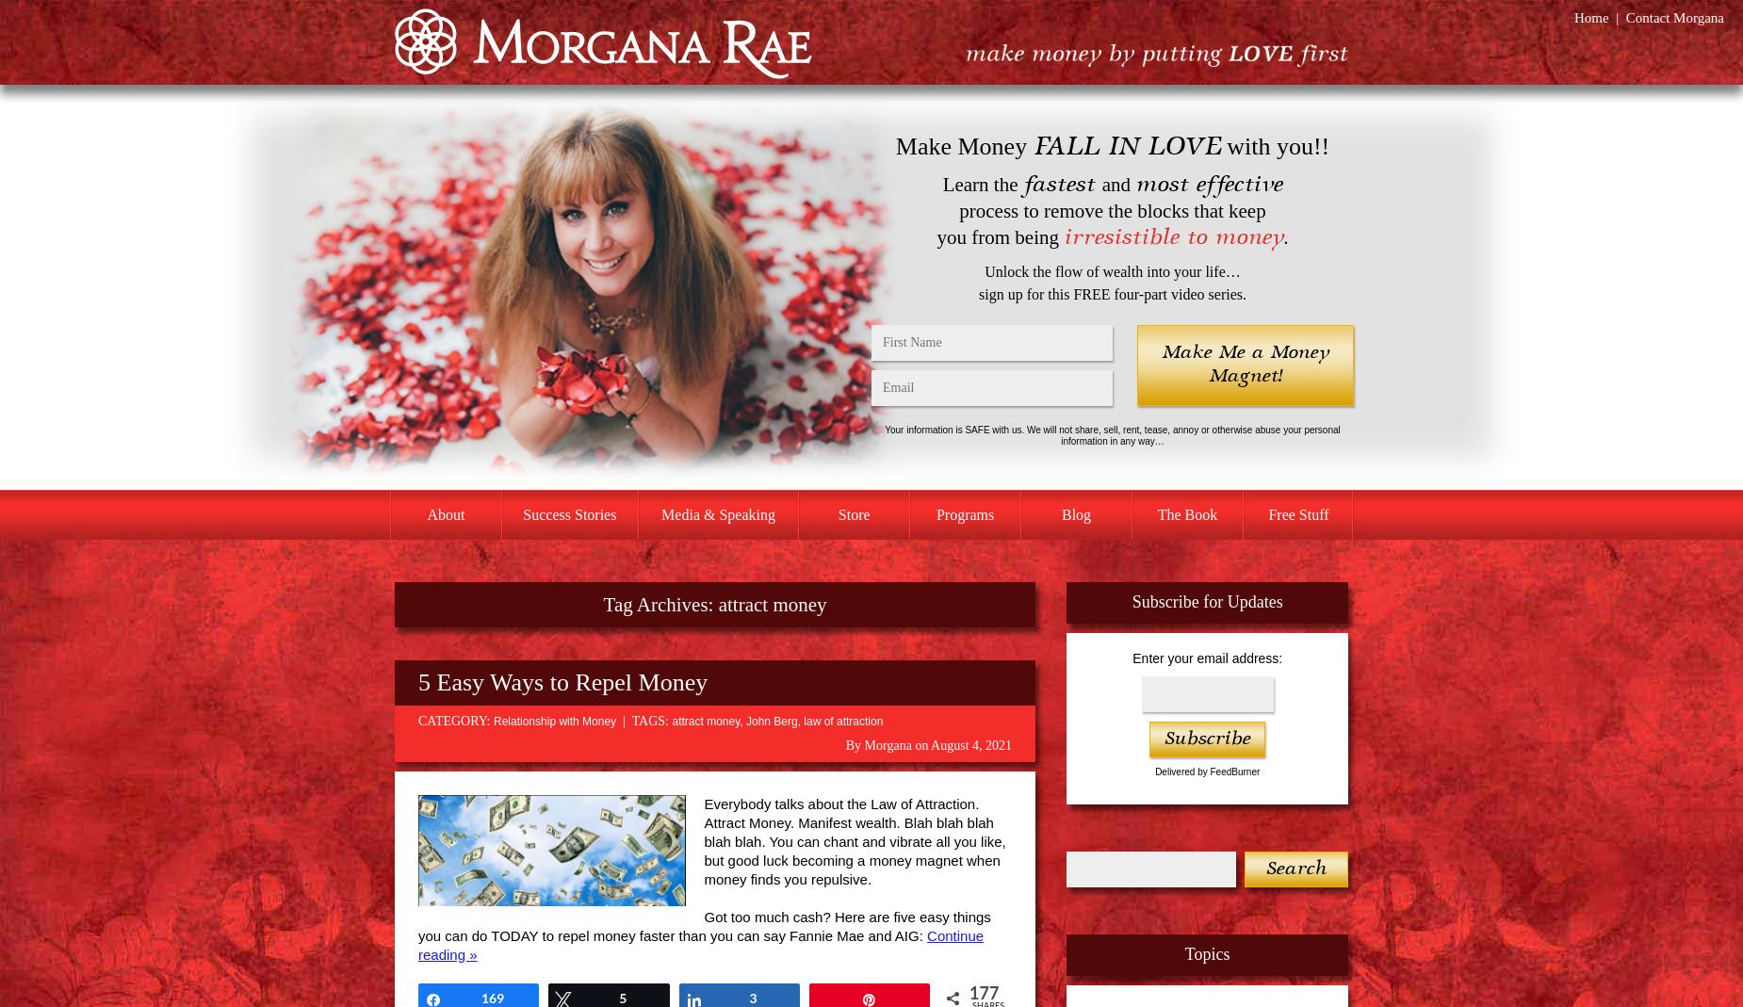  I want to click on 'Success Stories', so click(569, 513).